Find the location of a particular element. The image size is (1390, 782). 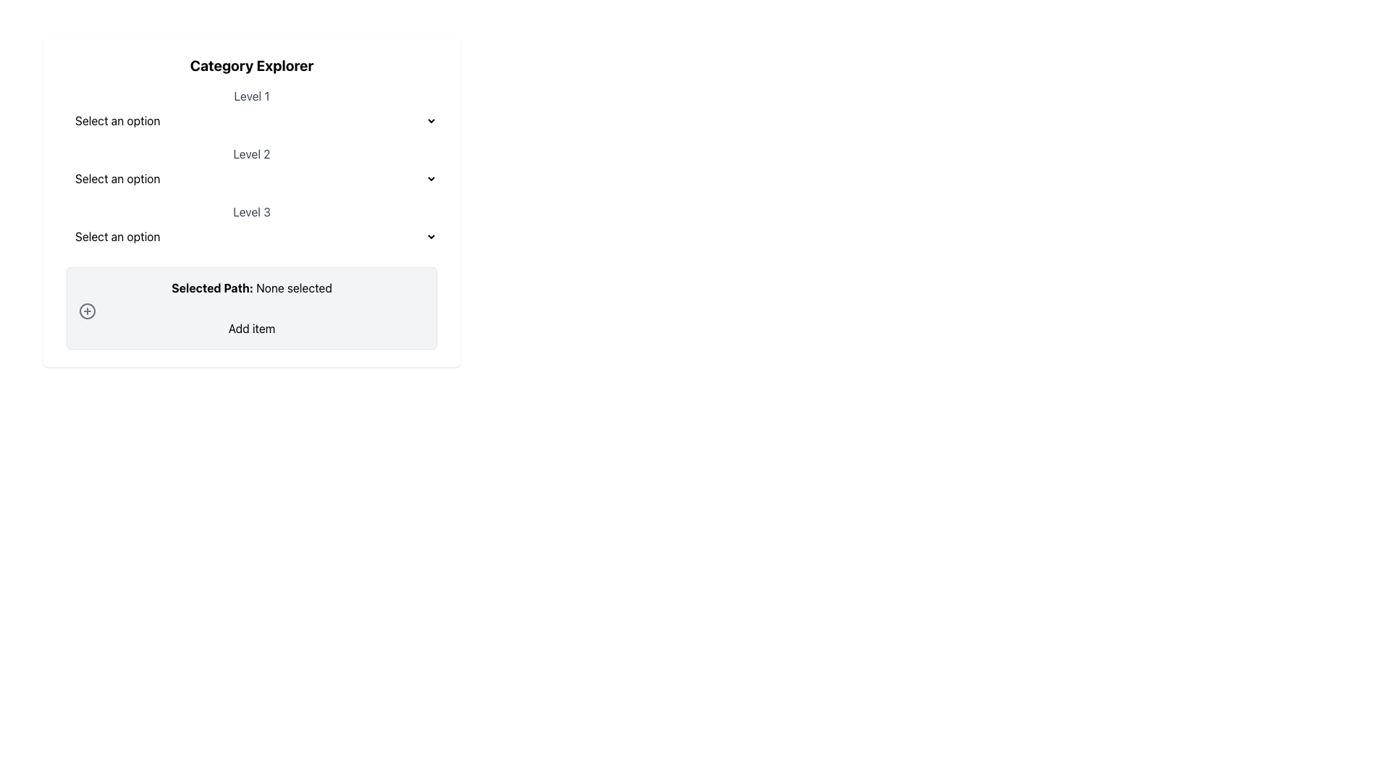

the dropdown menu labeled 'Level 1' is located at coordinates (251, 110).